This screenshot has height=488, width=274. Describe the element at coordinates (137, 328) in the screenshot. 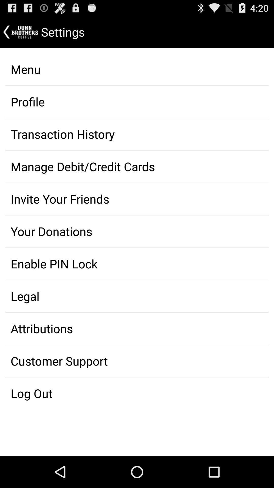

I see `the icon below legal icon` at that location.